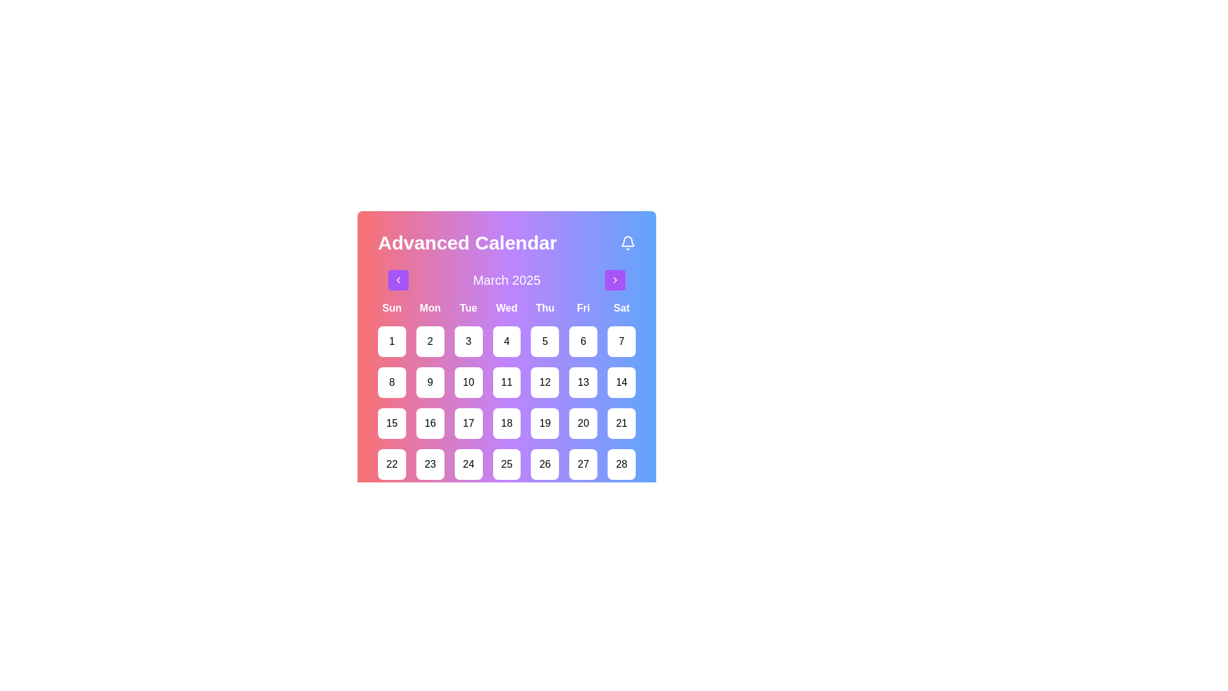 This screenshot has width=1228, height=691. I want to click on the calendar date element displaying the number '10' in bold black text, so click(468, 381).